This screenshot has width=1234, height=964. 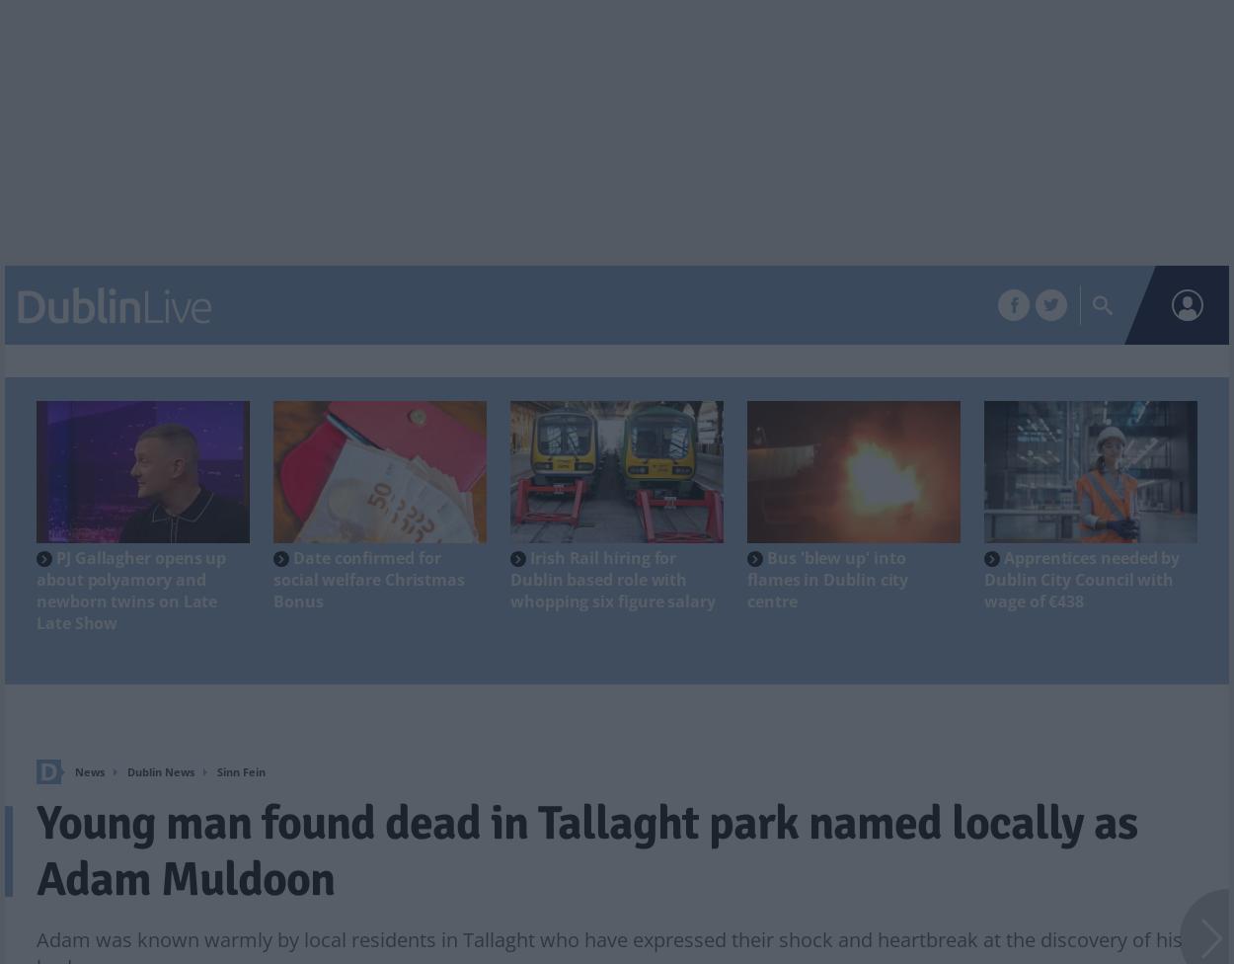 What do you see at coordinates (131, 590) in the screenshot?
I see `'PJ Gallagher opens up about polyamory and newborn twins on Late Late Show'` at bounding box center [131, 590].